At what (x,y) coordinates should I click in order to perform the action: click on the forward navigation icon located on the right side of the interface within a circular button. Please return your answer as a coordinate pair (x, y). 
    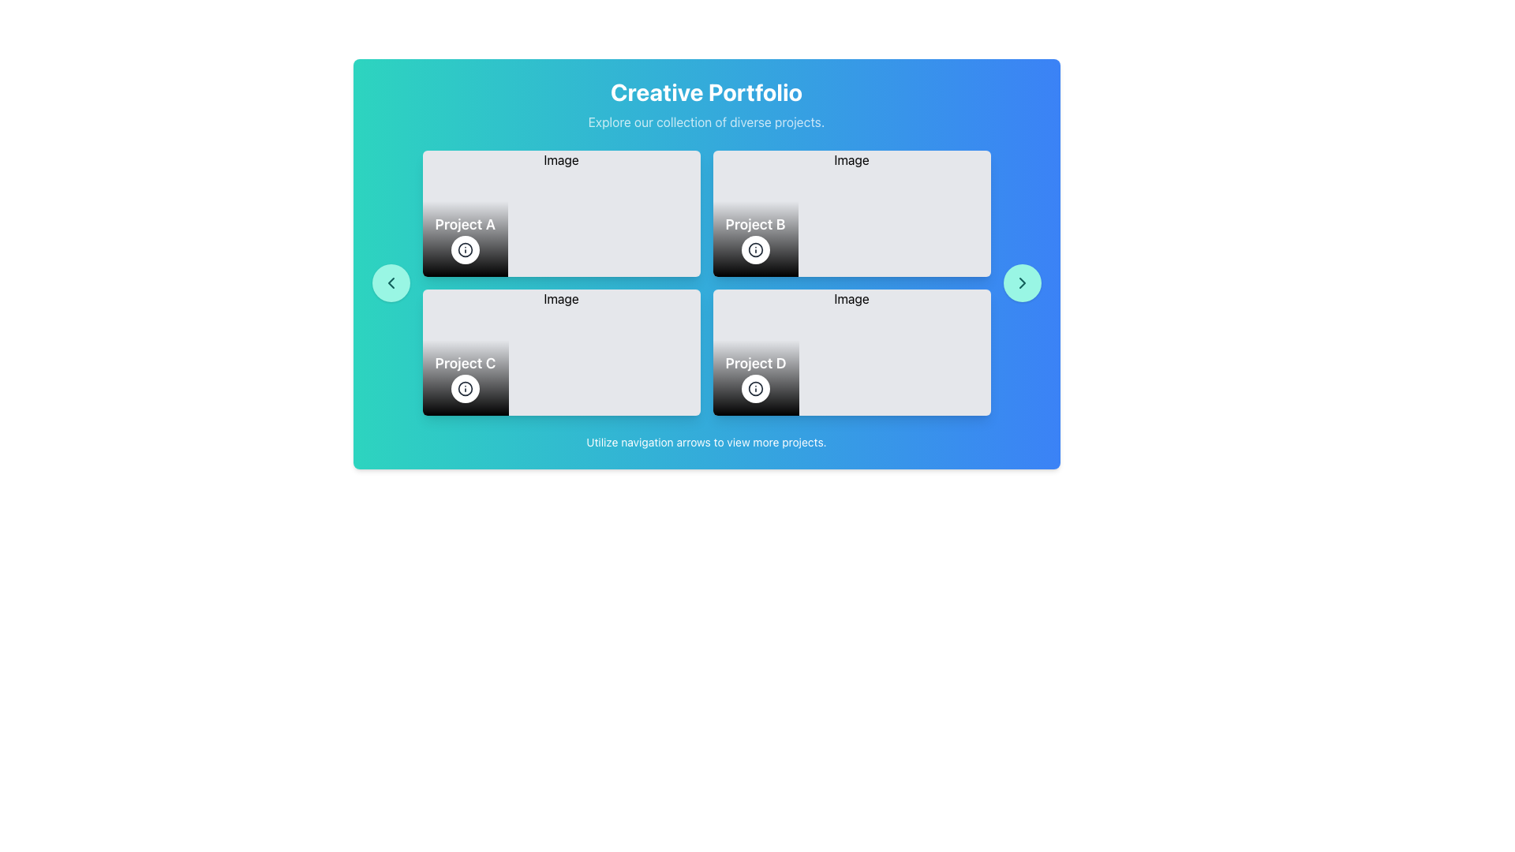
    Looking at the image, I should click on (1022, 282).